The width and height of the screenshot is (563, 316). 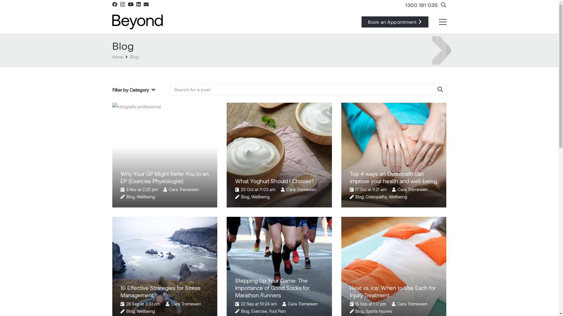 What do you see at coordinates (160, 291) in the screenshot?
I see `'10 Effective Strategies for Stress Management'` at bounding box center [160, 291].